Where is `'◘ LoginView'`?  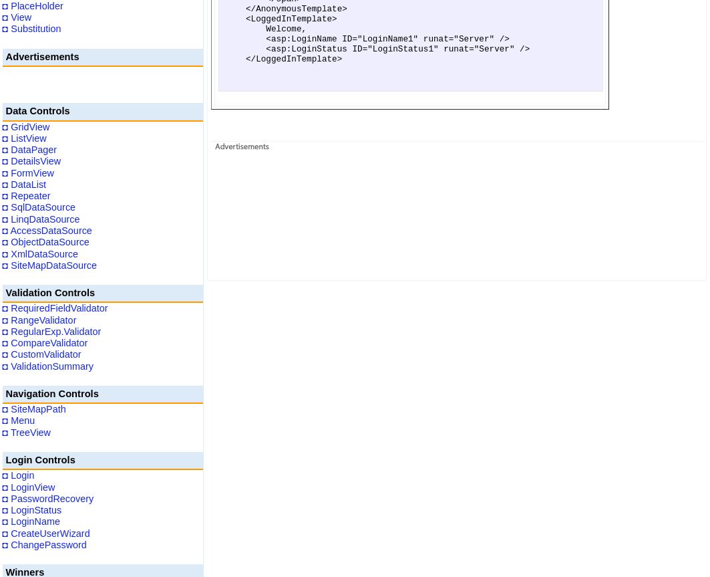 '◘ LoginView' is located at coordinates (28, 487).